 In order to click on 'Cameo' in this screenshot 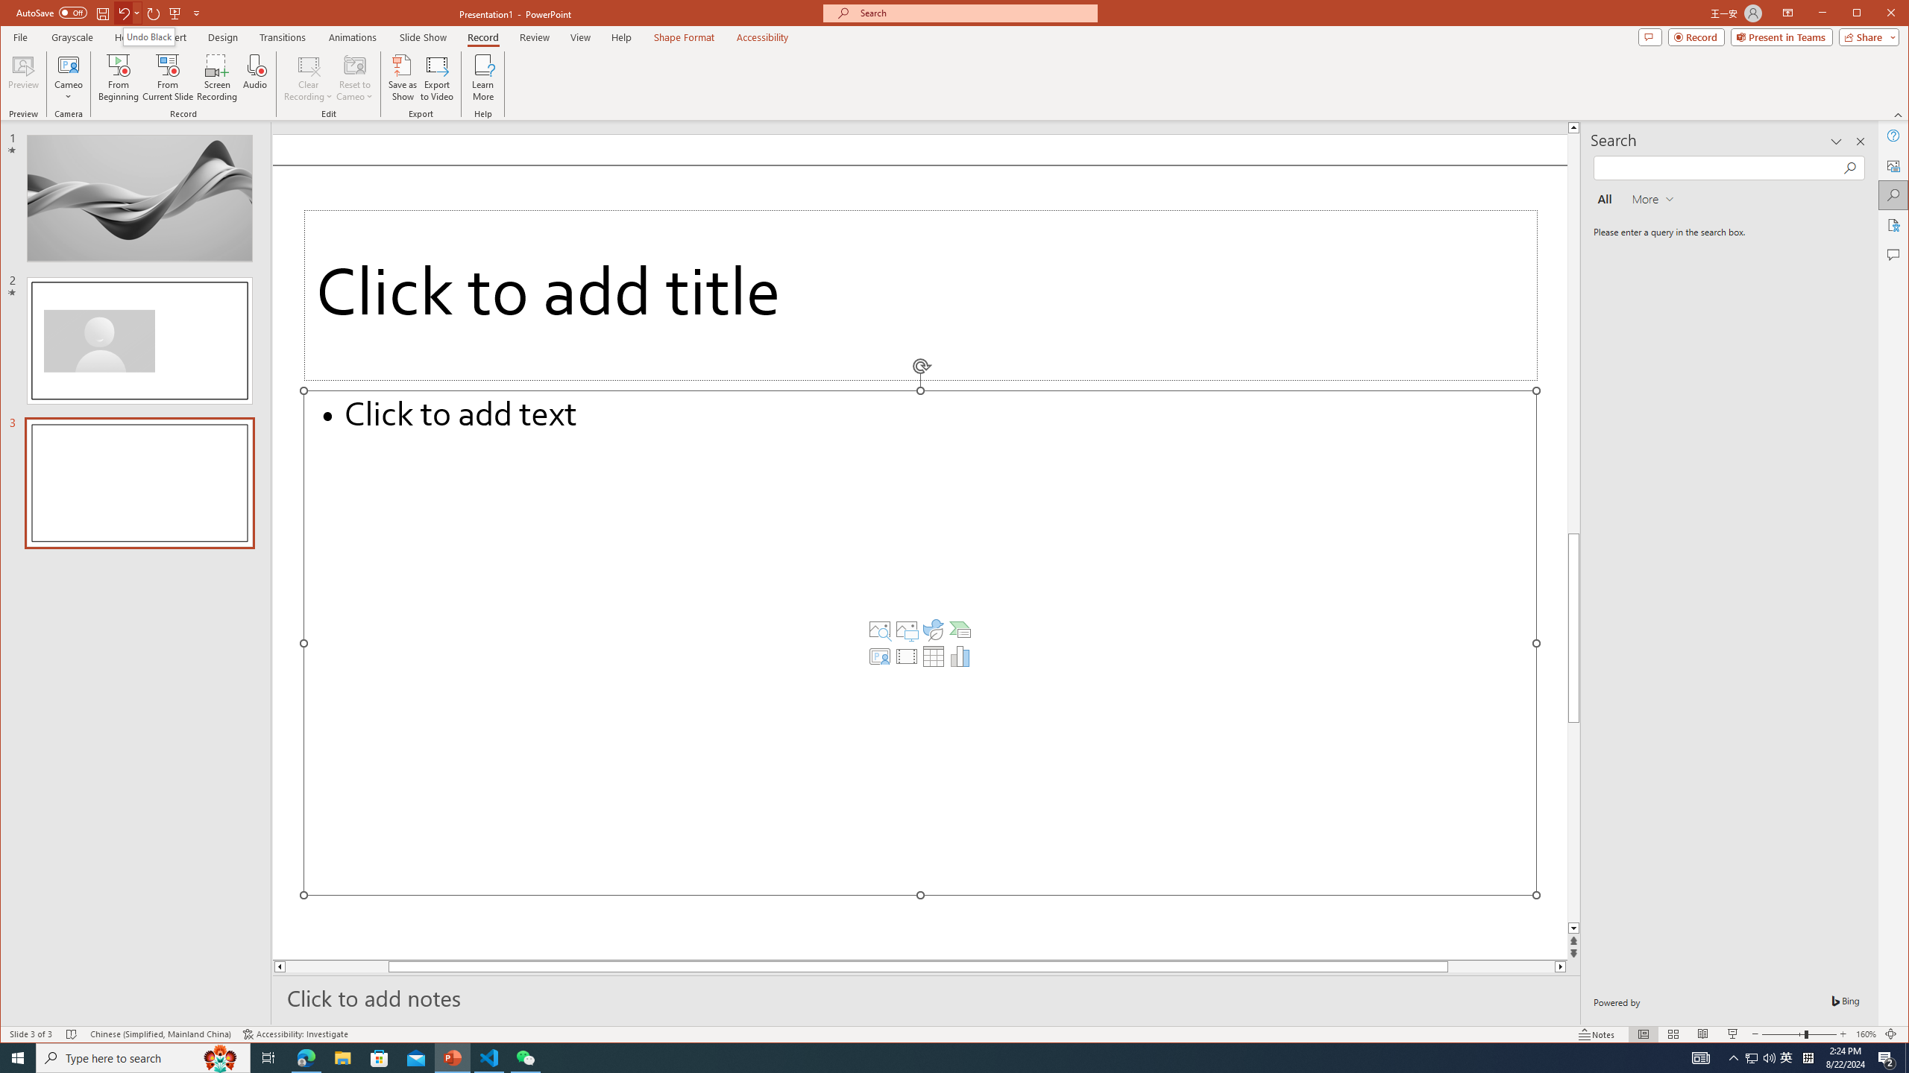, I will do `click(69, 77)`.